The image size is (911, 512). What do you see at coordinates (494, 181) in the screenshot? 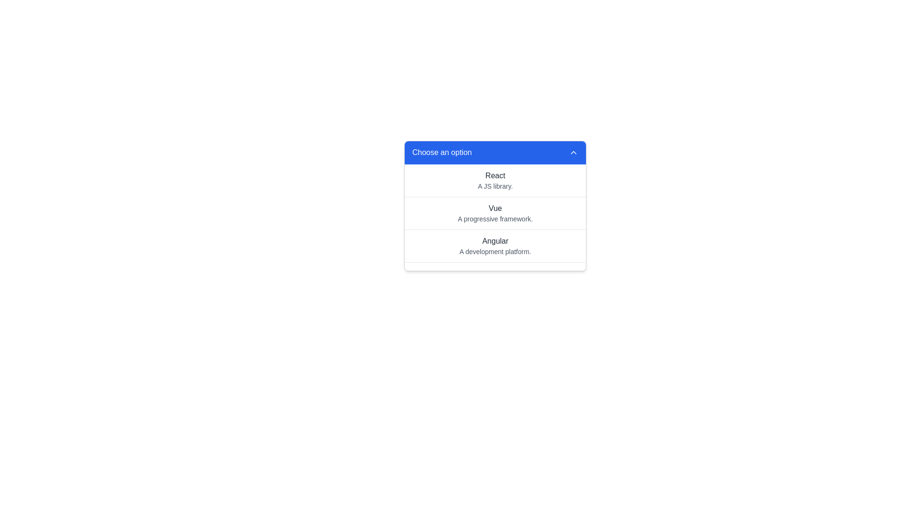
I see `the first list item in the dropdown menu, which displays 'React' in bold and 'A JS library.' in a smaller font` at bounding box center [494, 181].